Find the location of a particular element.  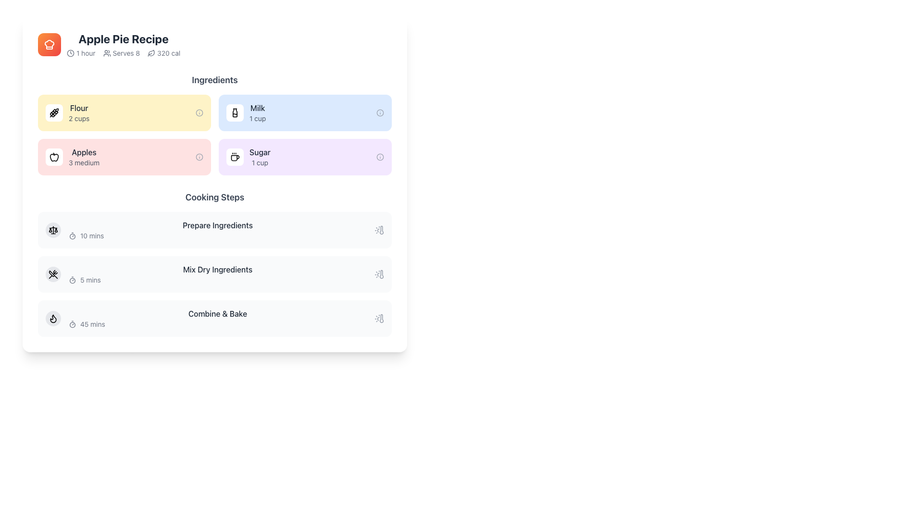

the decorative clock or timer icon located to the left of the '10 mins' label in the 'Prepare Ingredients' step of the 'Cooking Steps' section is located at coordinates (72, 236).